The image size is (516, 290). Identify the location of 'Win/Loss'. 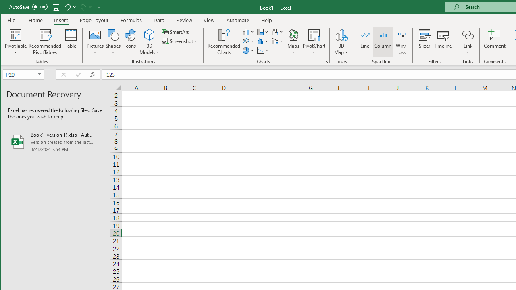
(401, 42).